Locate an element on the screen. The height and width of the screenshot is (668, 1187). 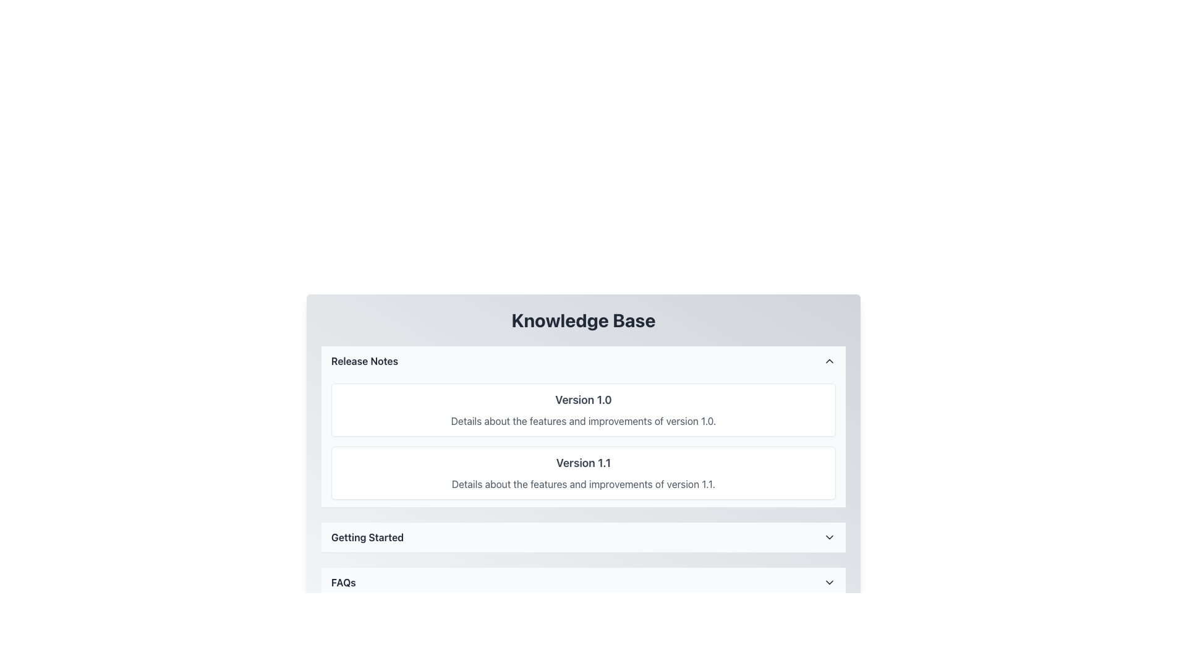
the text reading 'Details about the features and improvements of version 1.0.' located beneath the header 'Version 1.0' in a bordered, rounded rectangle area is located at coordinates (583, 421).